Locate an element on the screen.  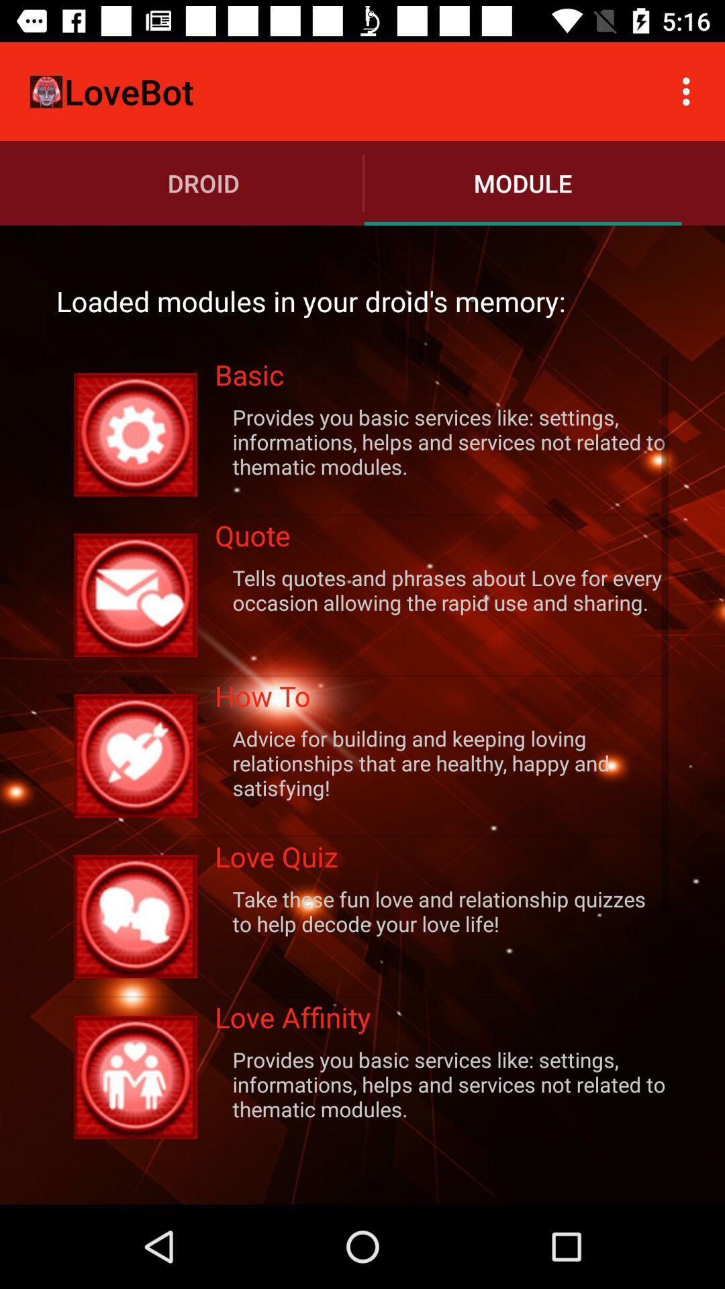
love affinity is located at coordinates (442, 1020).